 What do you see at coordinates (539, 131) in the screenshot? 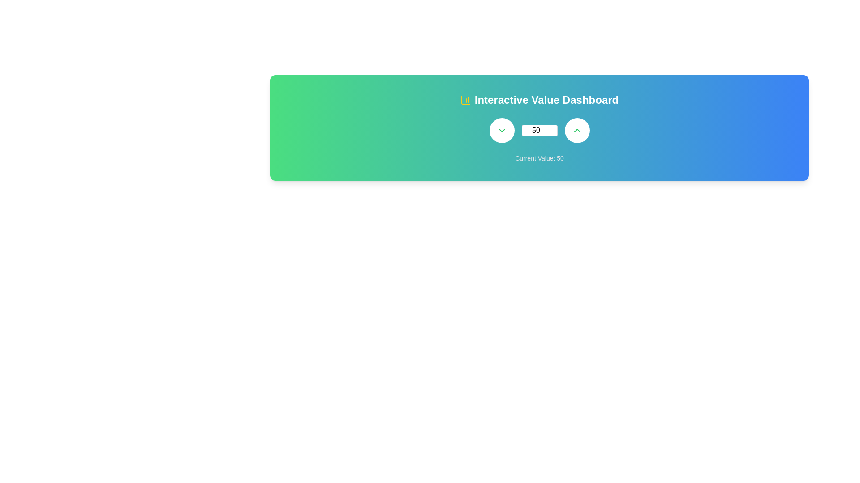
I see `the Input plus controls group, which includes the decrement button, numeric input field showing '50', and increment button` at bounding box center [539, 131].